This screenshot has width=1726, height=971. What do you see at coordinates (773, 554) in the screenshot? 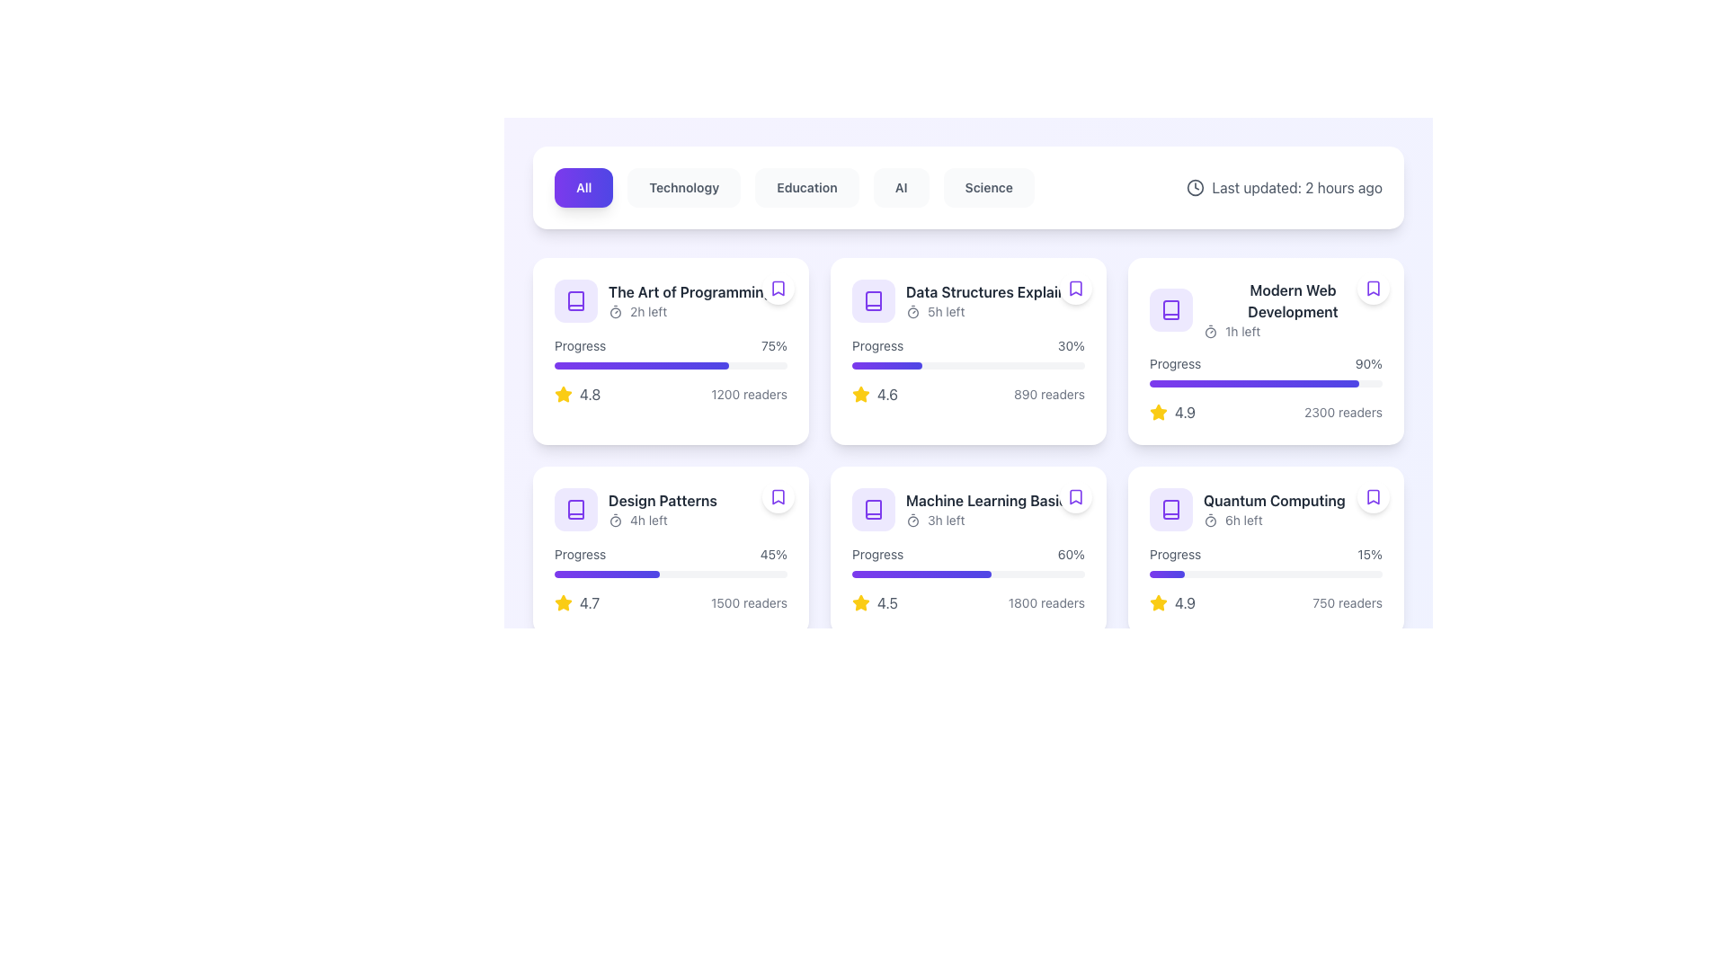
I see `the progress percentage text label located to the right of the 'Progress' label in the 'Design Patterns' card` at bounding box center [773, 554].